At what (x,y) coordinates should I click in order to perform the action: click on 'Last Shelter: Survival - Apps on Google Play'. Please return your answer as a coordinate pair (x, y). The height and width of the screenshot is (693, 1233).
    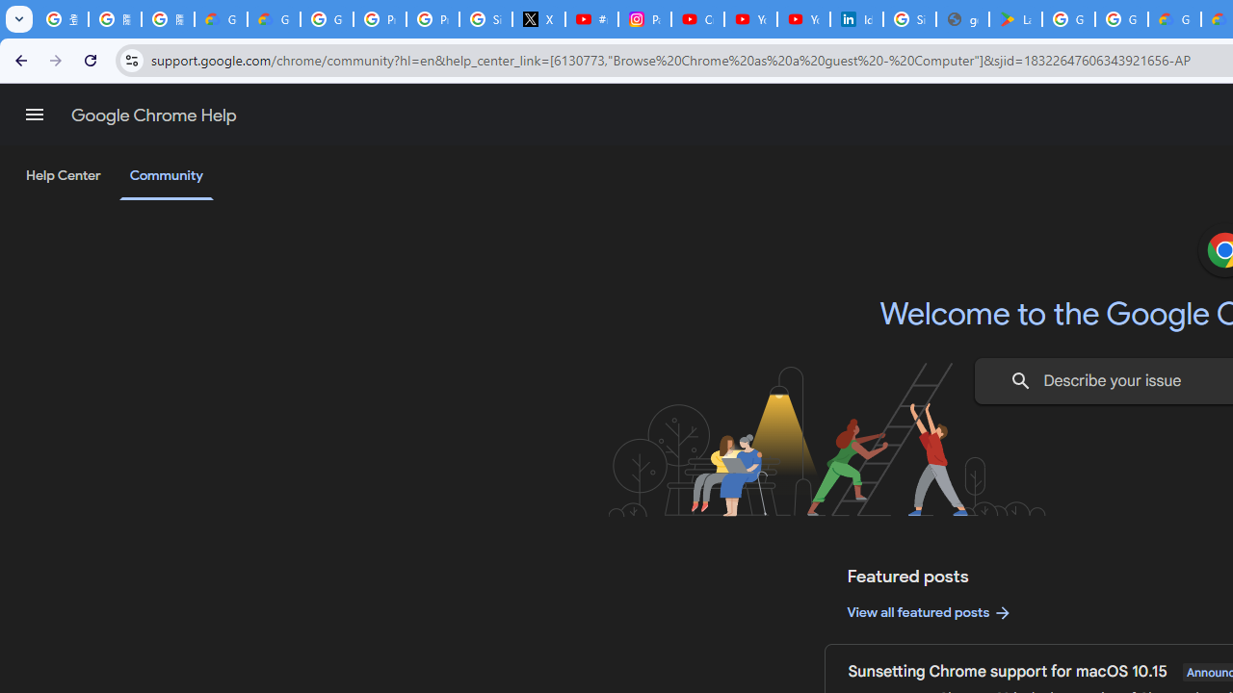
    Looking at the image, I should click on (1014, 19).